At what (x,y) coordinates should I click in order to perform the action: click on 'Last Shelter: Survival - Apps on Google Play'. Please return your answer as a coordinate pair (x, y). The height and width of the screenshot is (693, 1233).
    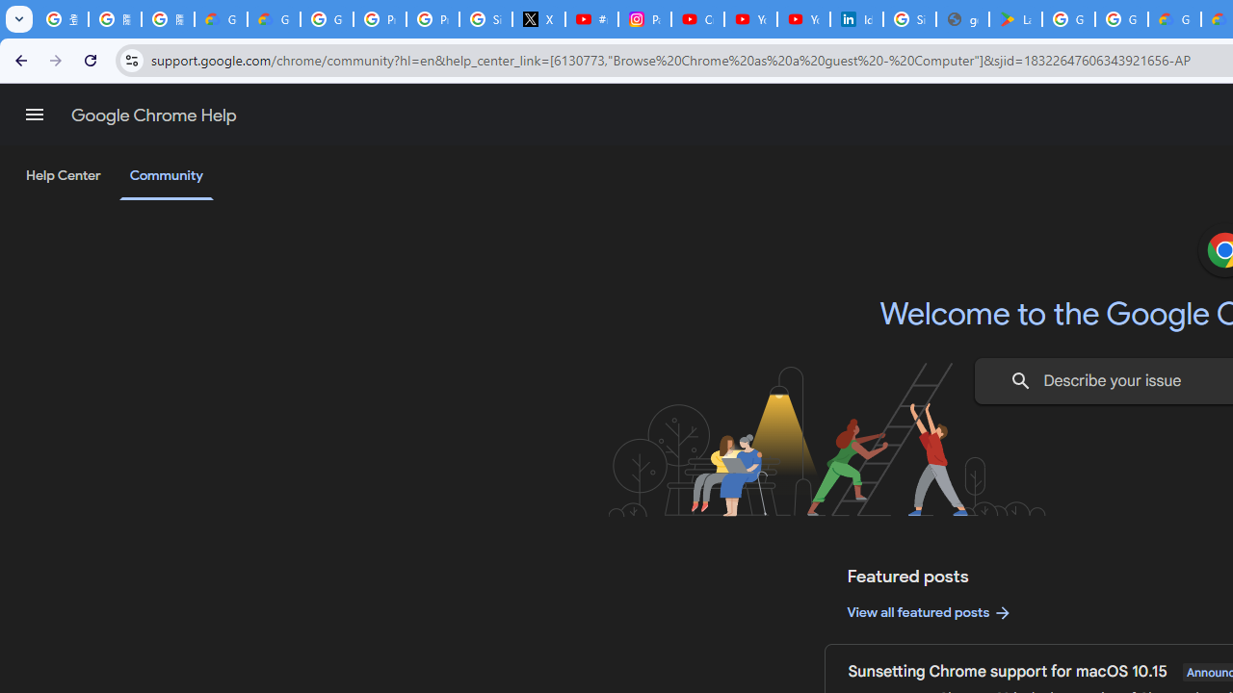
    Looking at the image, I should click on (1014, 19).